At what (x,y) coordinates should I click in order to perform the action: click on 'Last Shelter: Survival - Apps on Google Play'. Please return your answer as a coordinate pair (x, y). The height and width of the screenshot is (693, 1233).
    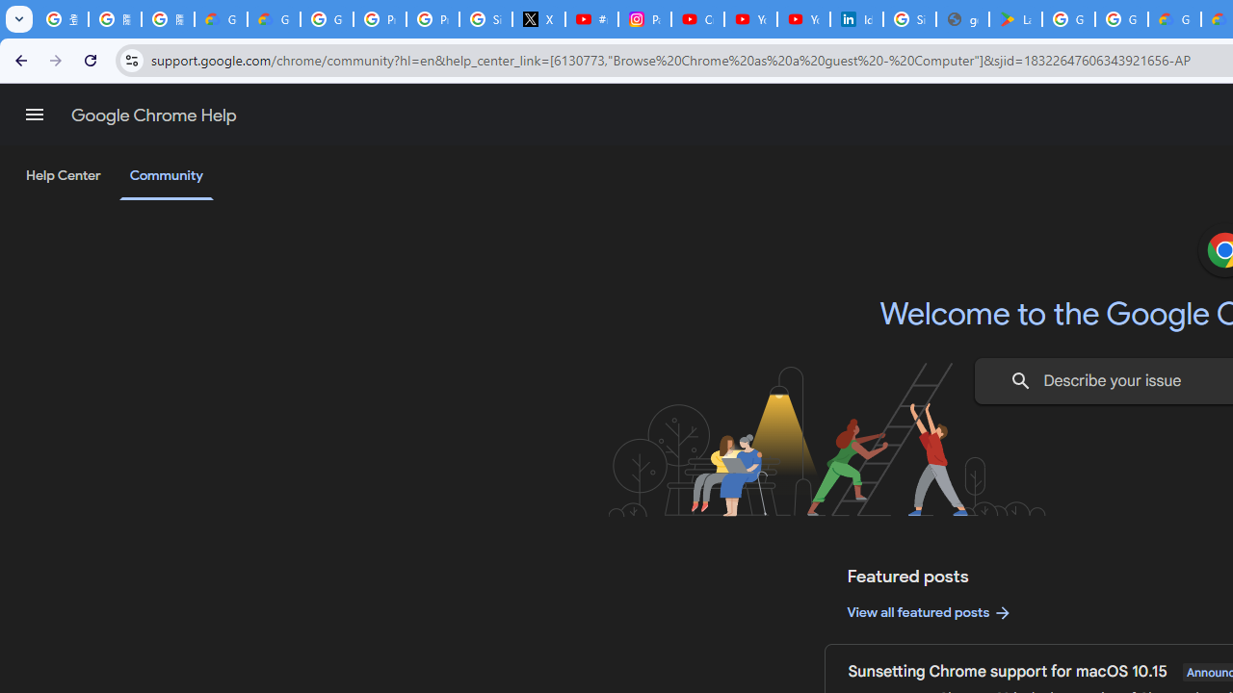
    Looking at the image, I should click on (1014, 19).